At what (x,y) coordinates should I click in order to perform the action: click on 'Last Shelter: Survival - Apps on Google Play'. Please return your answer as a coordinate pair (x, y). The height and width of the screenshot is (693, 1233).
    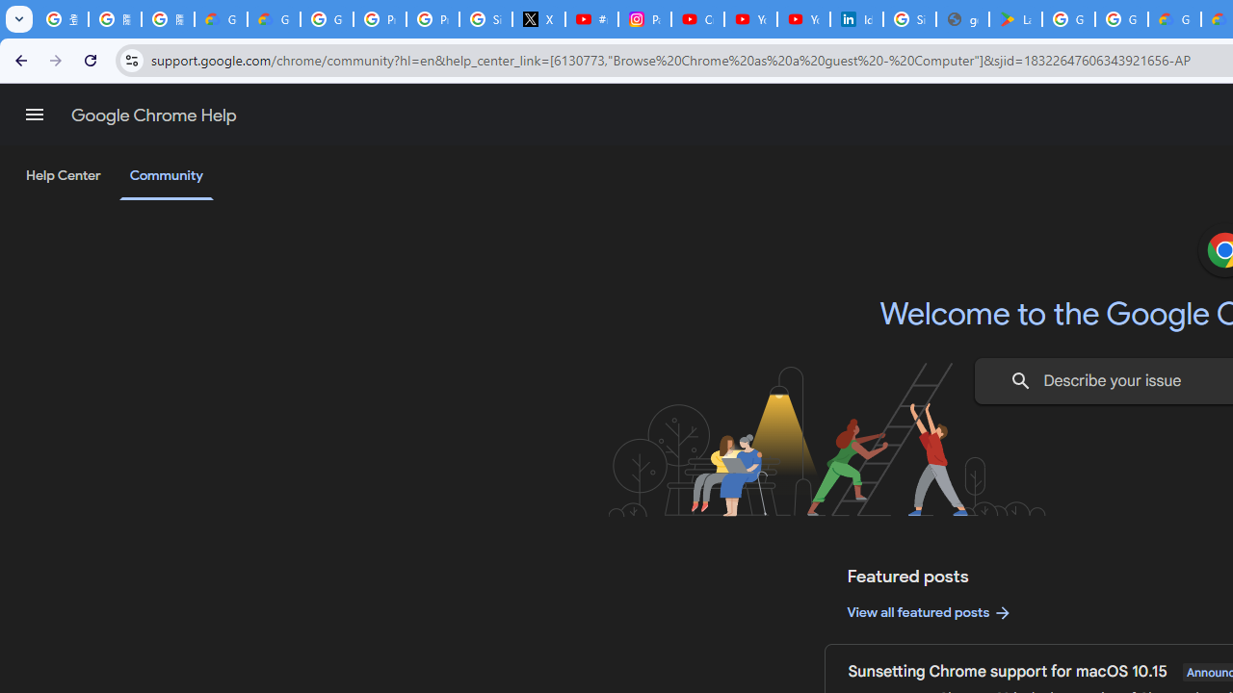
    Looking at the image, I should click on (1014, 19).